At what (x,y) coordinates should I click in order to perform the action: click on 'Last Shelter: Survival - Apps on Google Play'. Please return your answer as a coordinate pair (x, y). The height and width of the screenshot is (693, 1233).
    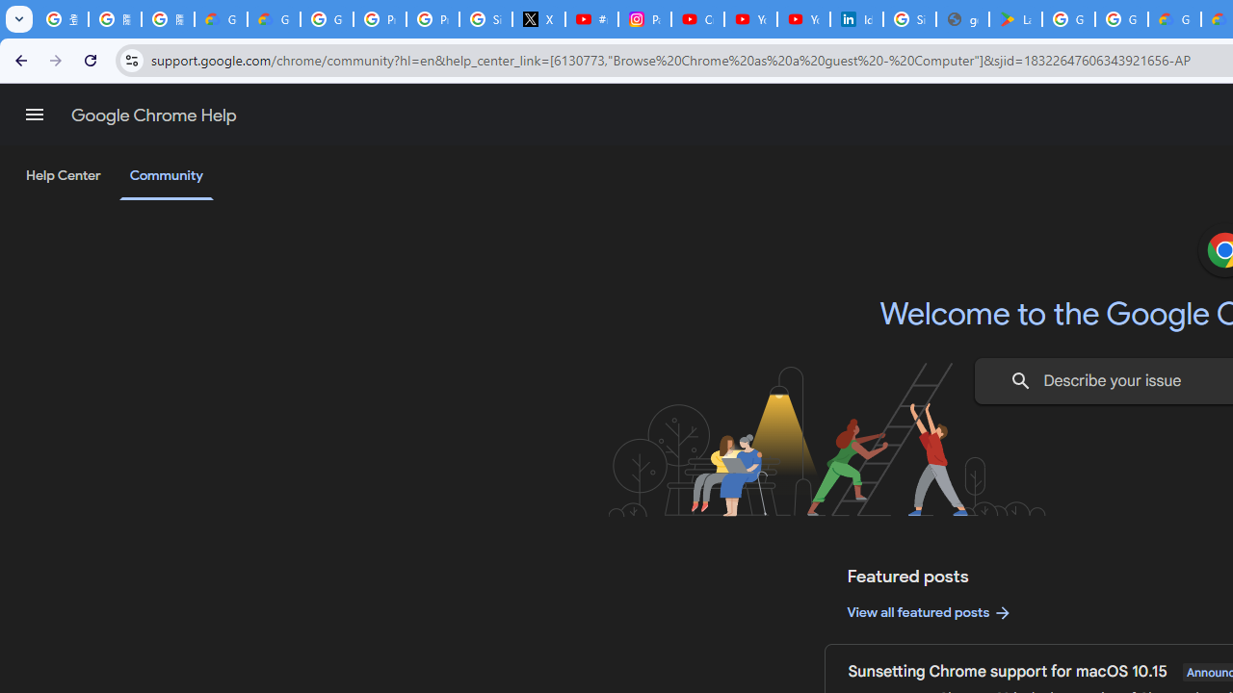
    Looking at the image, I should click on (1014, 19).